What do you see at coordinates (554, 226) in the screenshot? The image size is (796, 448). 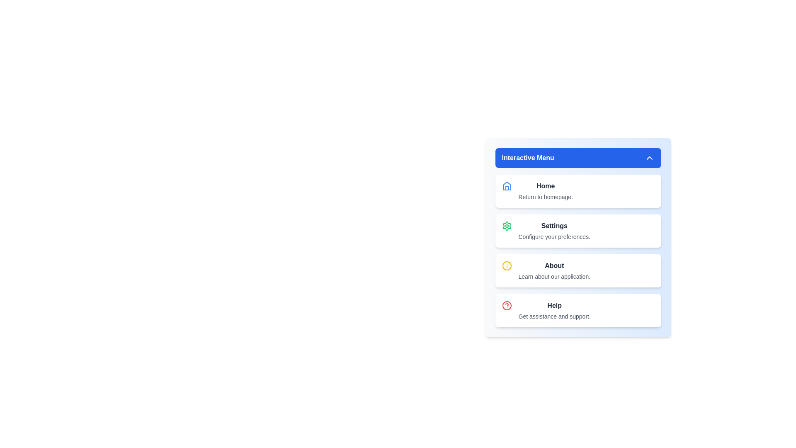 I see `the 'Settings' text label in the interactive menu, which is centrally located below the 'Home' section and above the 'About' section` at bounding box center [554, 226].